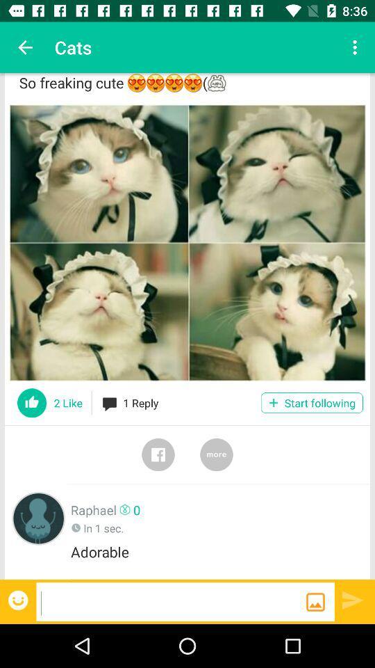  Describe the element at coordinates (25, 47) in the screenshot. I see `item above so freaking cute` at that location.